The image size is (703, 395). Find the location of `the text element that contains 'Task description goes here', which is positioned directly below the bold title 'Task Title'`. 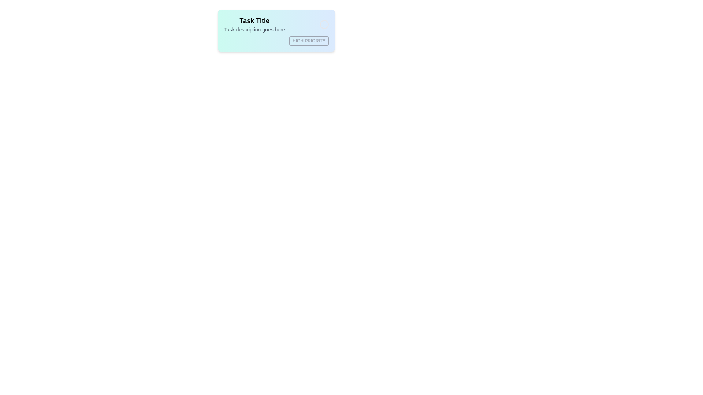

the text element that contains 'Task description goes here', which is positioned directly below the bold title 'Task Title' is located at coordinates (254, 29).